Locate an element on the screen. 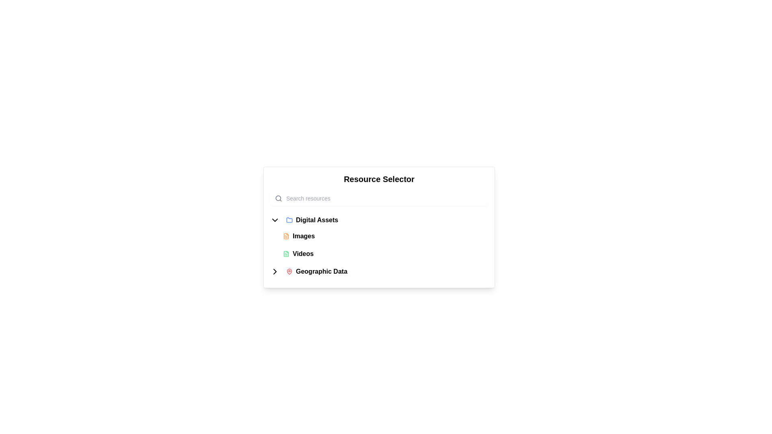 This screenshot has width=772, height=434. the magnifying glass icon with a gray outline located inside the search bar at the top-left corner of the 'Resource Selector' UI component is located at coordinates (276, 198).